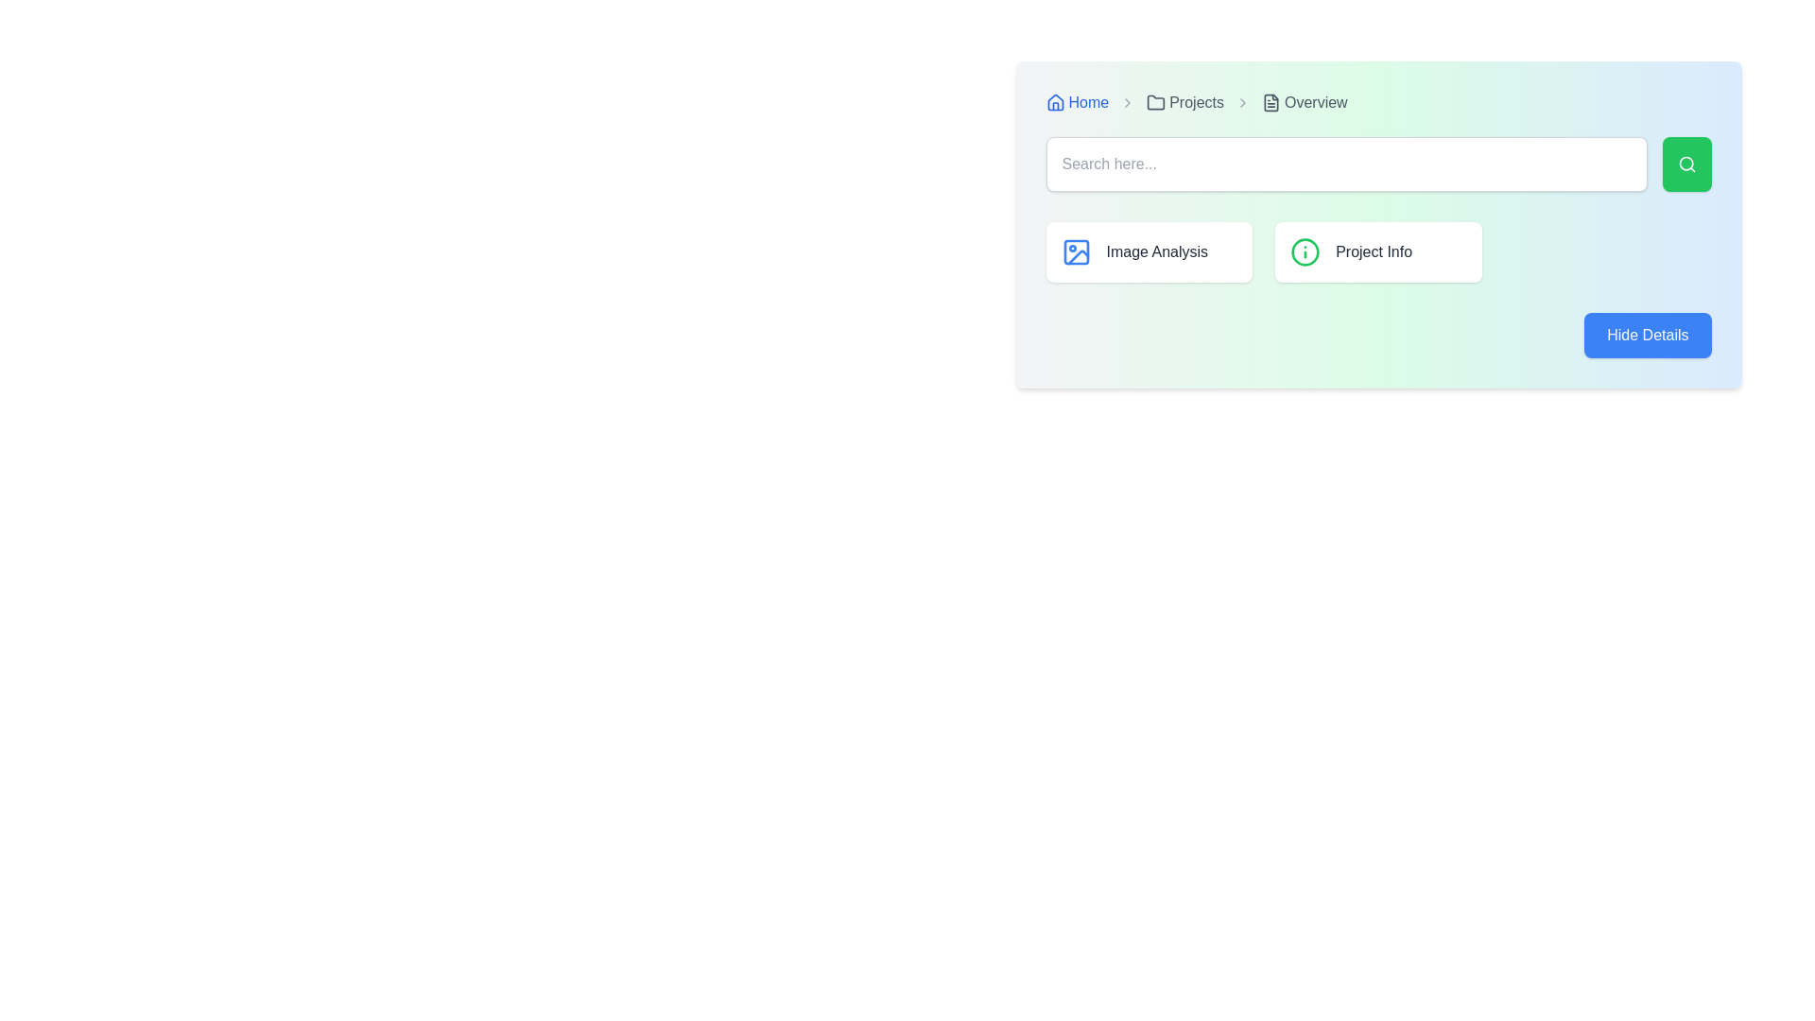  I want to click on the static label with the text 'Projects' that is styled in gray and includes a folder icon, positioned as the third item in the breadcrumb navigation structure, so click(1184, 102).